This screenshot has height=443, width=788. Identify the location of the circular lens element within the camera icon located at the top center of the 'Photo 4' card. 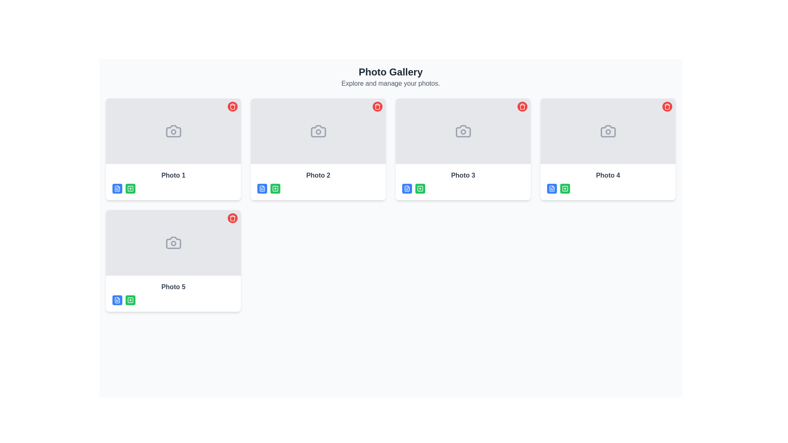
(608, 131).